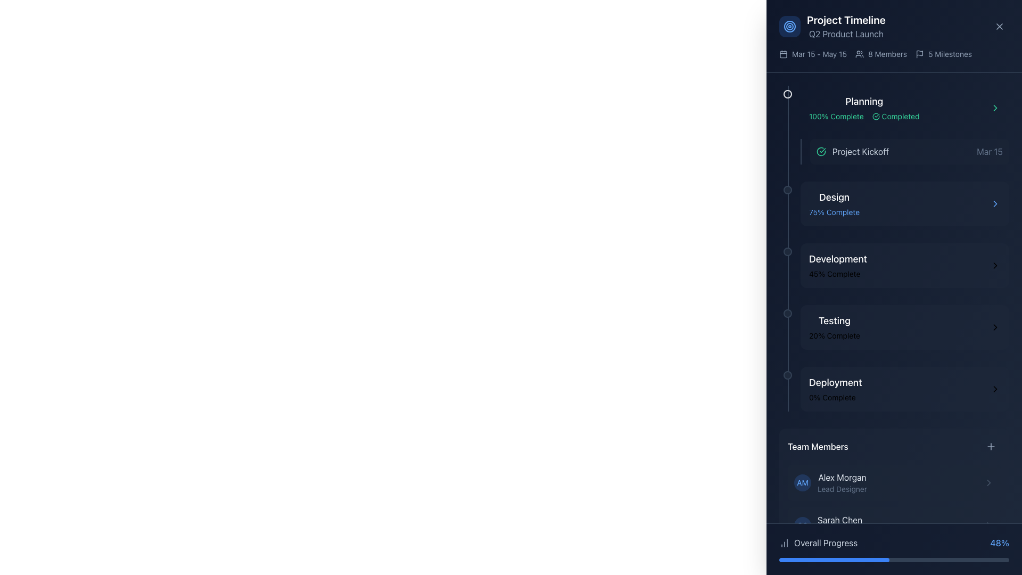 This screenshot has width=1022, height=575. What do you see at coordinates (859, 54) in the screenshot?
I see `the member icon located at the top-right of the interface, which visually indicates the concept of members or a user group in the project timeline` at bounding box center [859, 54].